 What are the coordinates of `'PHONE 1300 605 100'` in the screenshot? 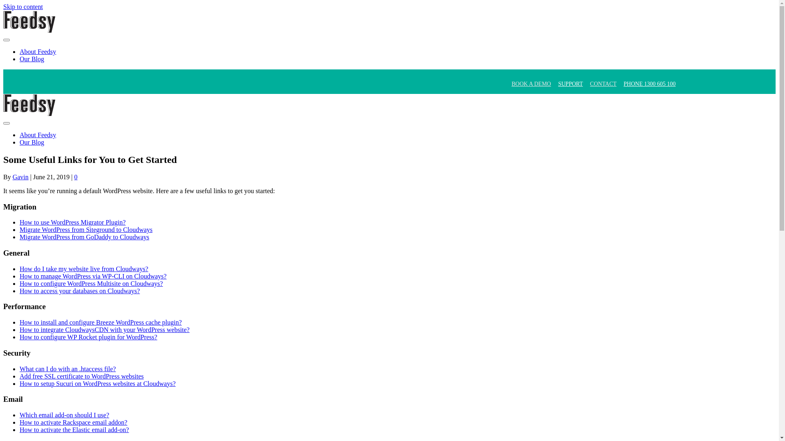 It's located at (649, 84).